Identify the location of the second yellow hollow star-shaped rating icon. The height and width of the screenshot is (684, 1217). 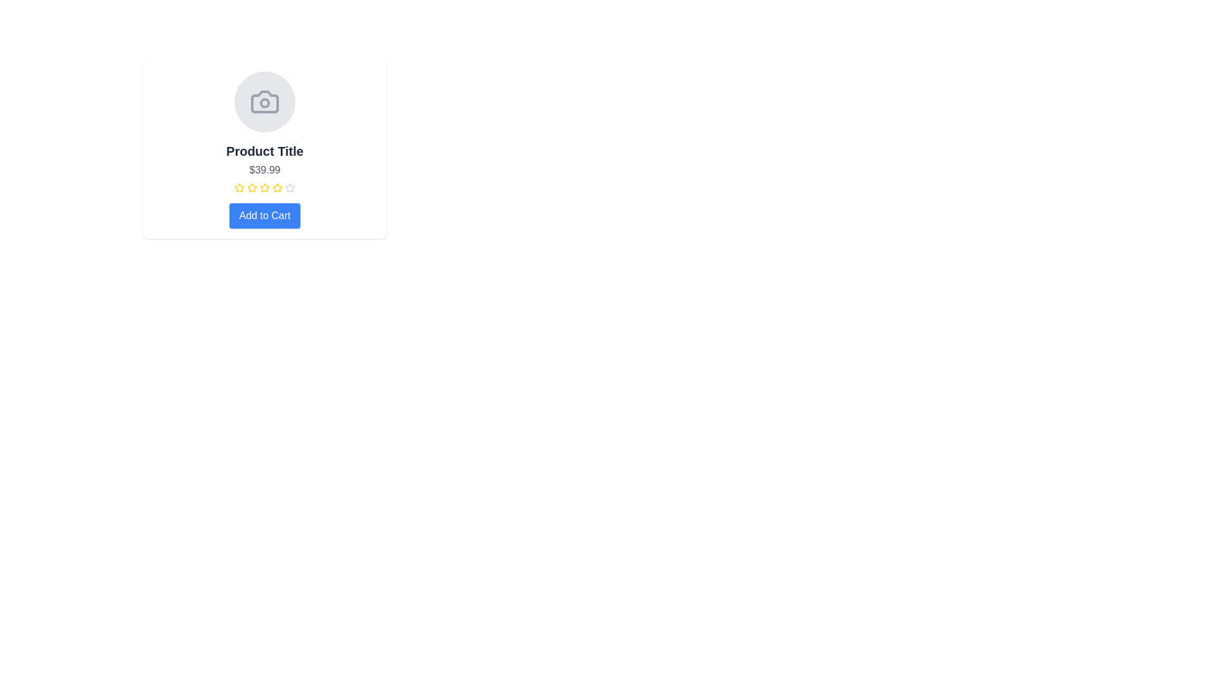
(252, 187).